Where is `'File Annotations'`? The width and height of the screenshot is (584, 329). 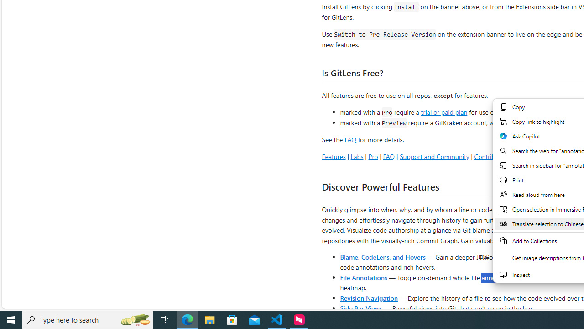 'File Annotations' is located at coordinates (363, 276).